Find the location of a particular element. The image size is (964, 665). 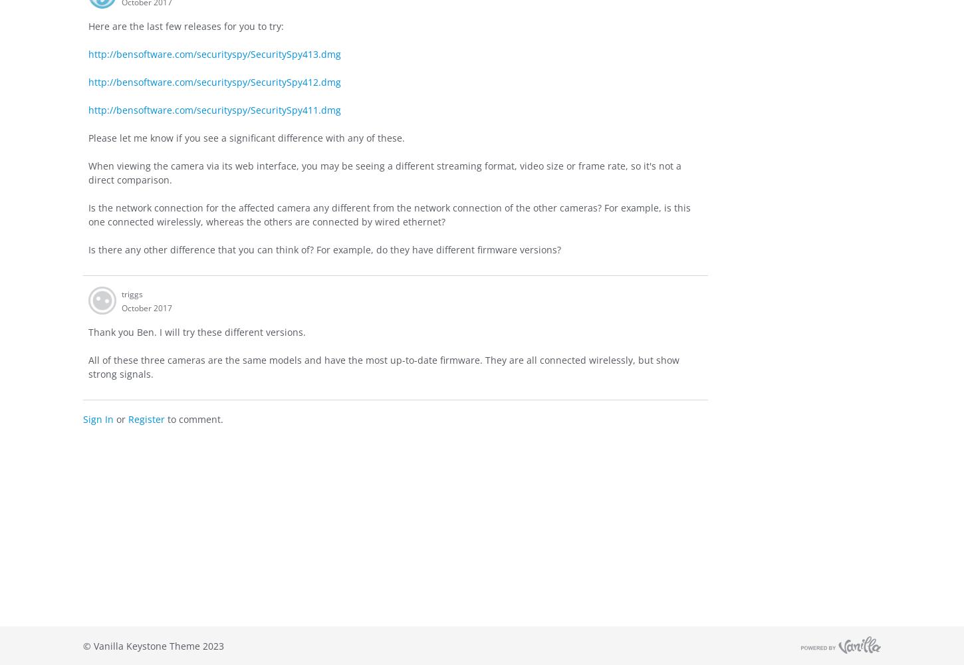

'http://bensoftware.com/securityspy/SecuritySpy412.dmg' is located at coordinates (215, 80).